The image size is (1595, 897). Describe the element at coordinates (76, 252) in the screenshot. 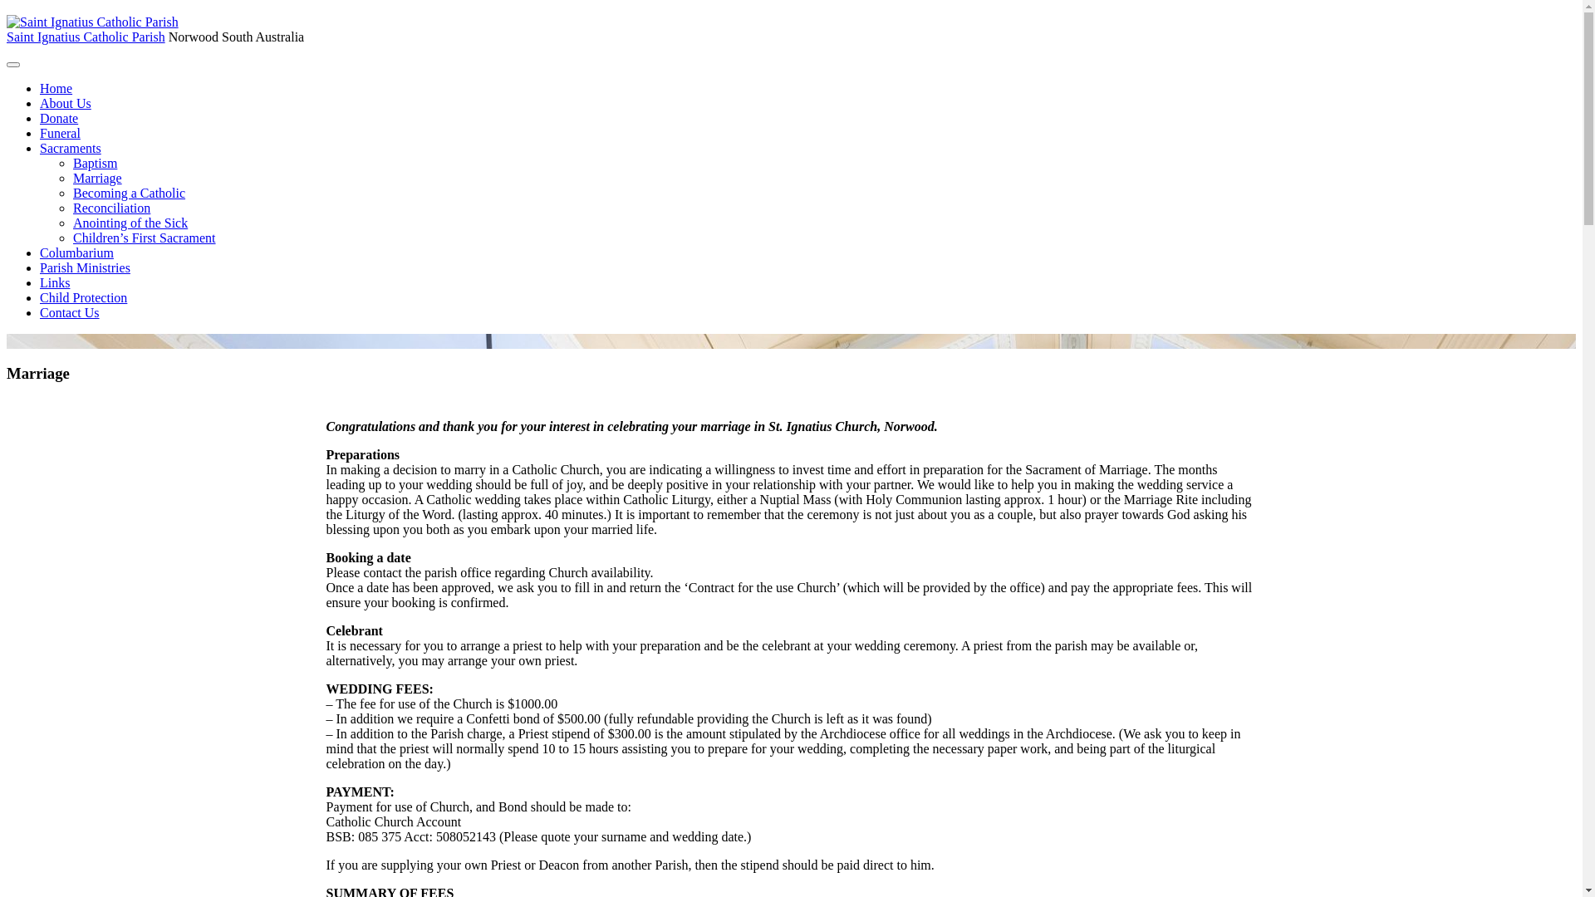

I see `'Columbarium'` at that location.